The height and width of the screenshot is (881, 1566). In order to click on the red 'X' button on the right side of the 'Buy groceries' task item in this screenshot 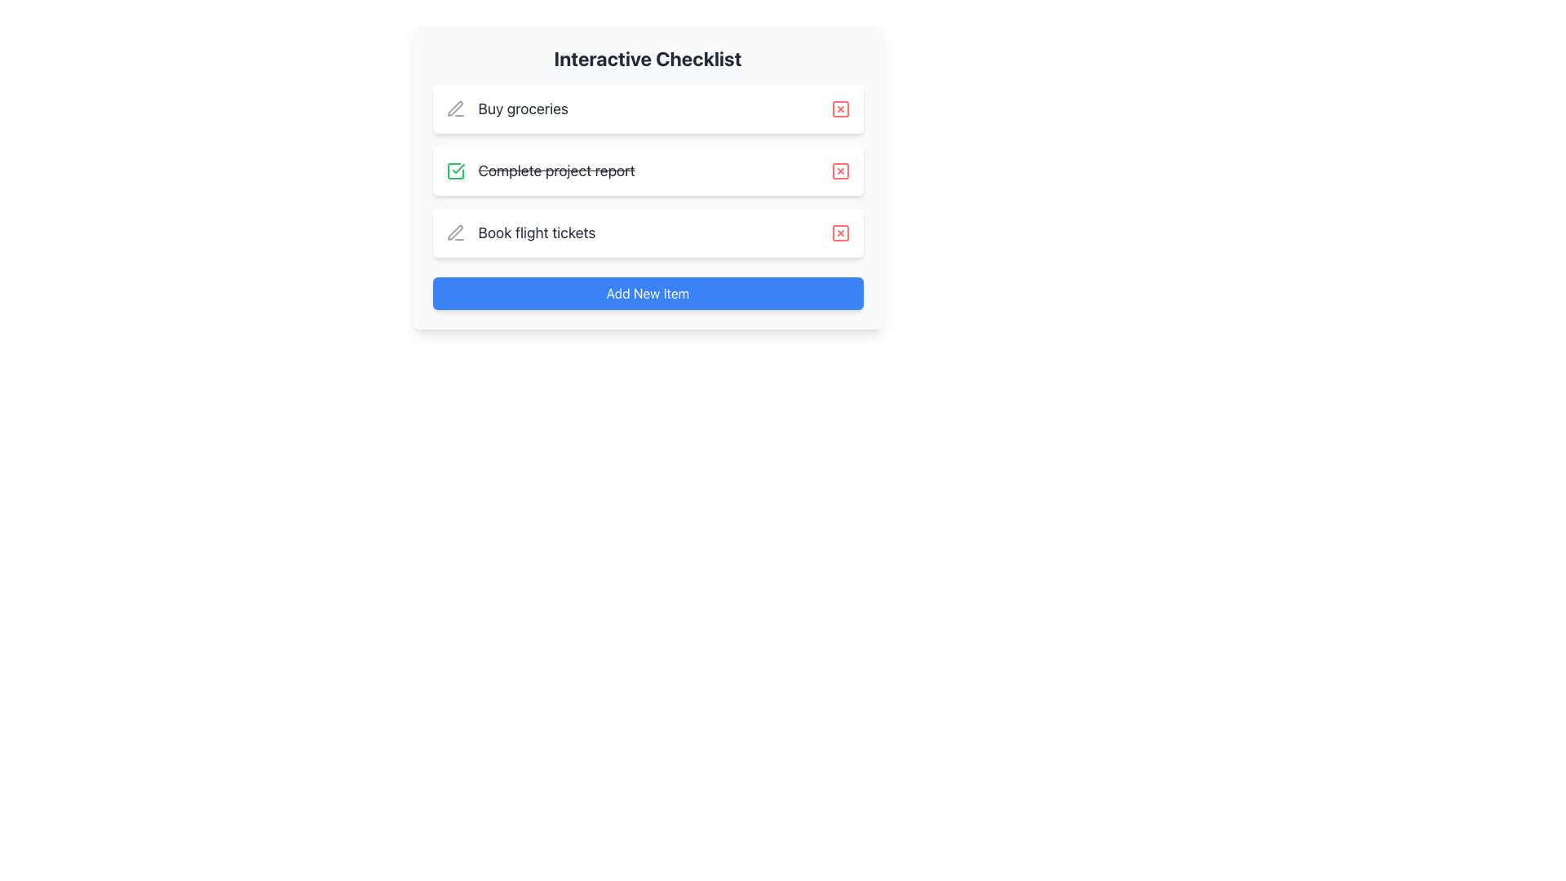, I will do `click(840, 109)`.